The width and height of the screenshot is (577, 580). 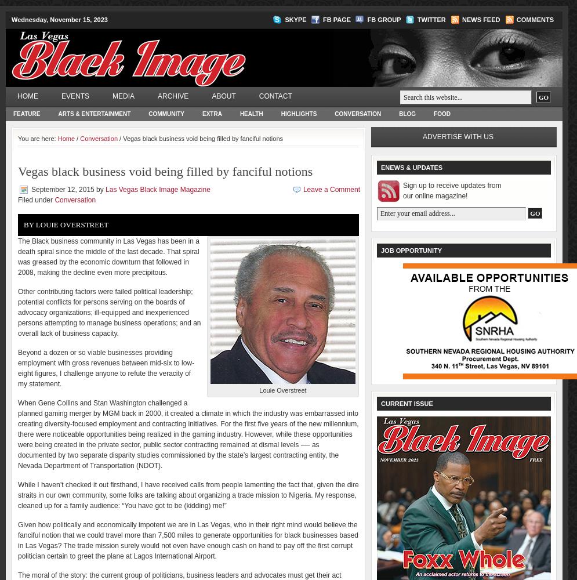 I want to click on 'Las Vegas Black Image Magazine', so click(x=157, y=189).